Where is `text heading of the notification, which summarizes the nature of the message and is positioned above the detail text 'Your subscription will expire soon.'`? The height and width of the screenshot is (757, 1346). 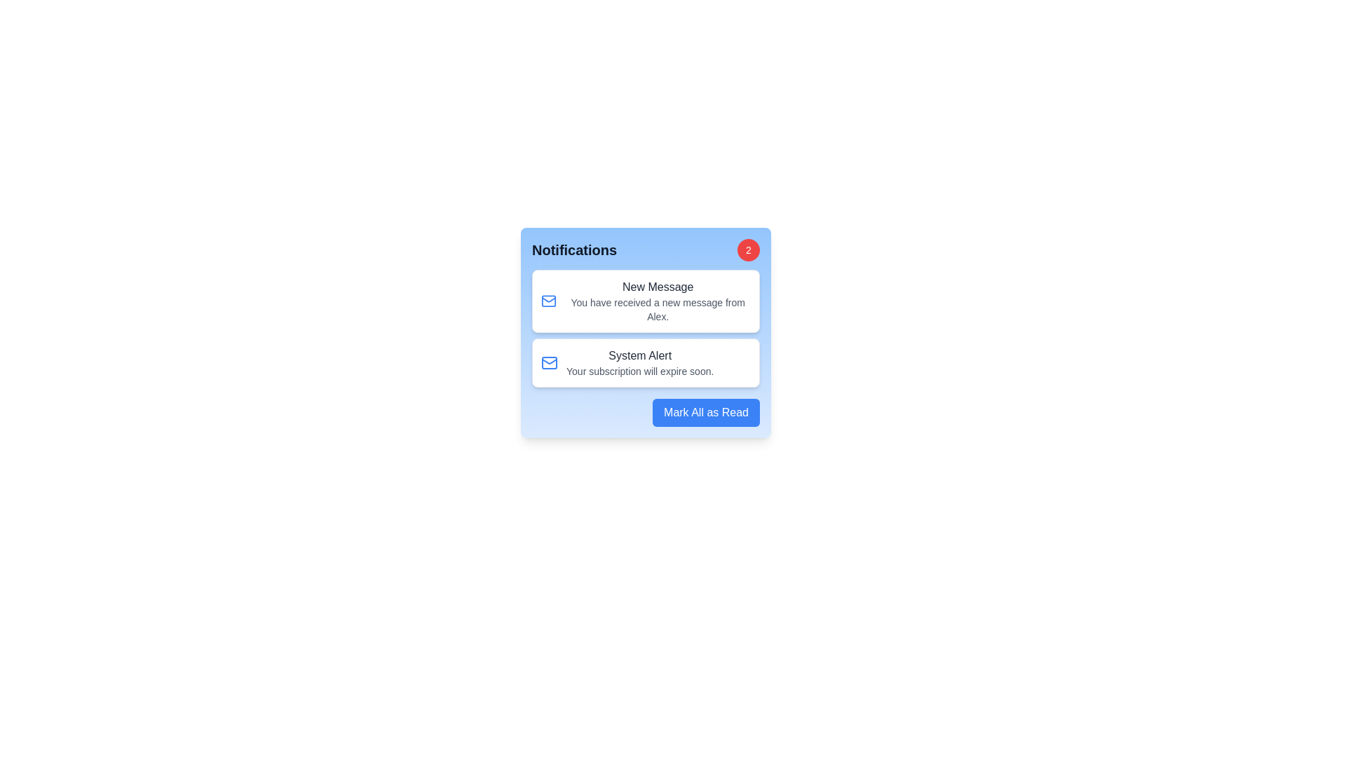 text heading of the notification, which summarizes the nature of the message and is positioned above the detail text 'Your subscription will expire soon.' is located at coordinates (639, 355).